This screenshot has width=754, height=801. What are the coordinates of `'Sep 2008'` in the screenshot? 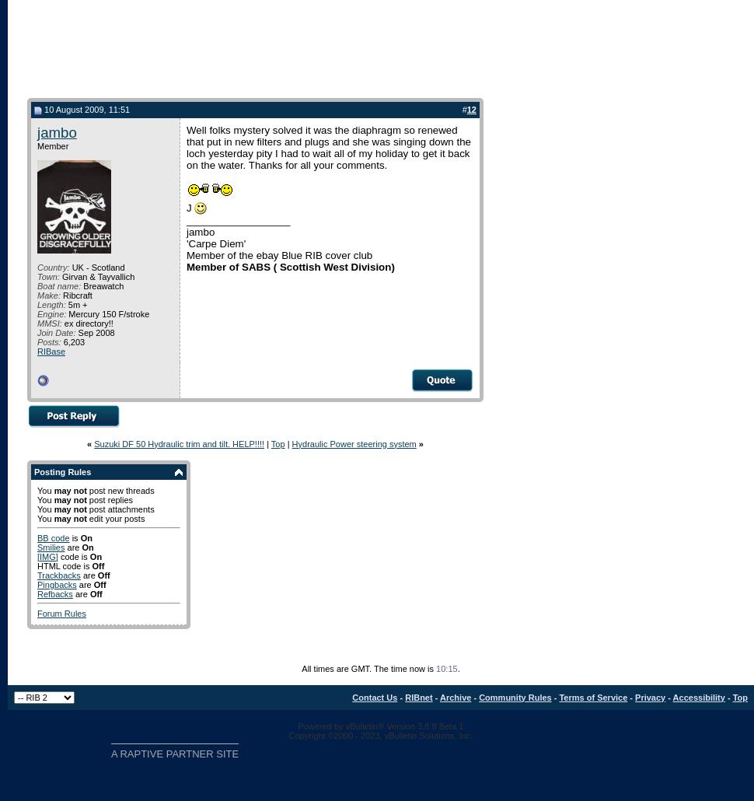 It's located at (95, 332).